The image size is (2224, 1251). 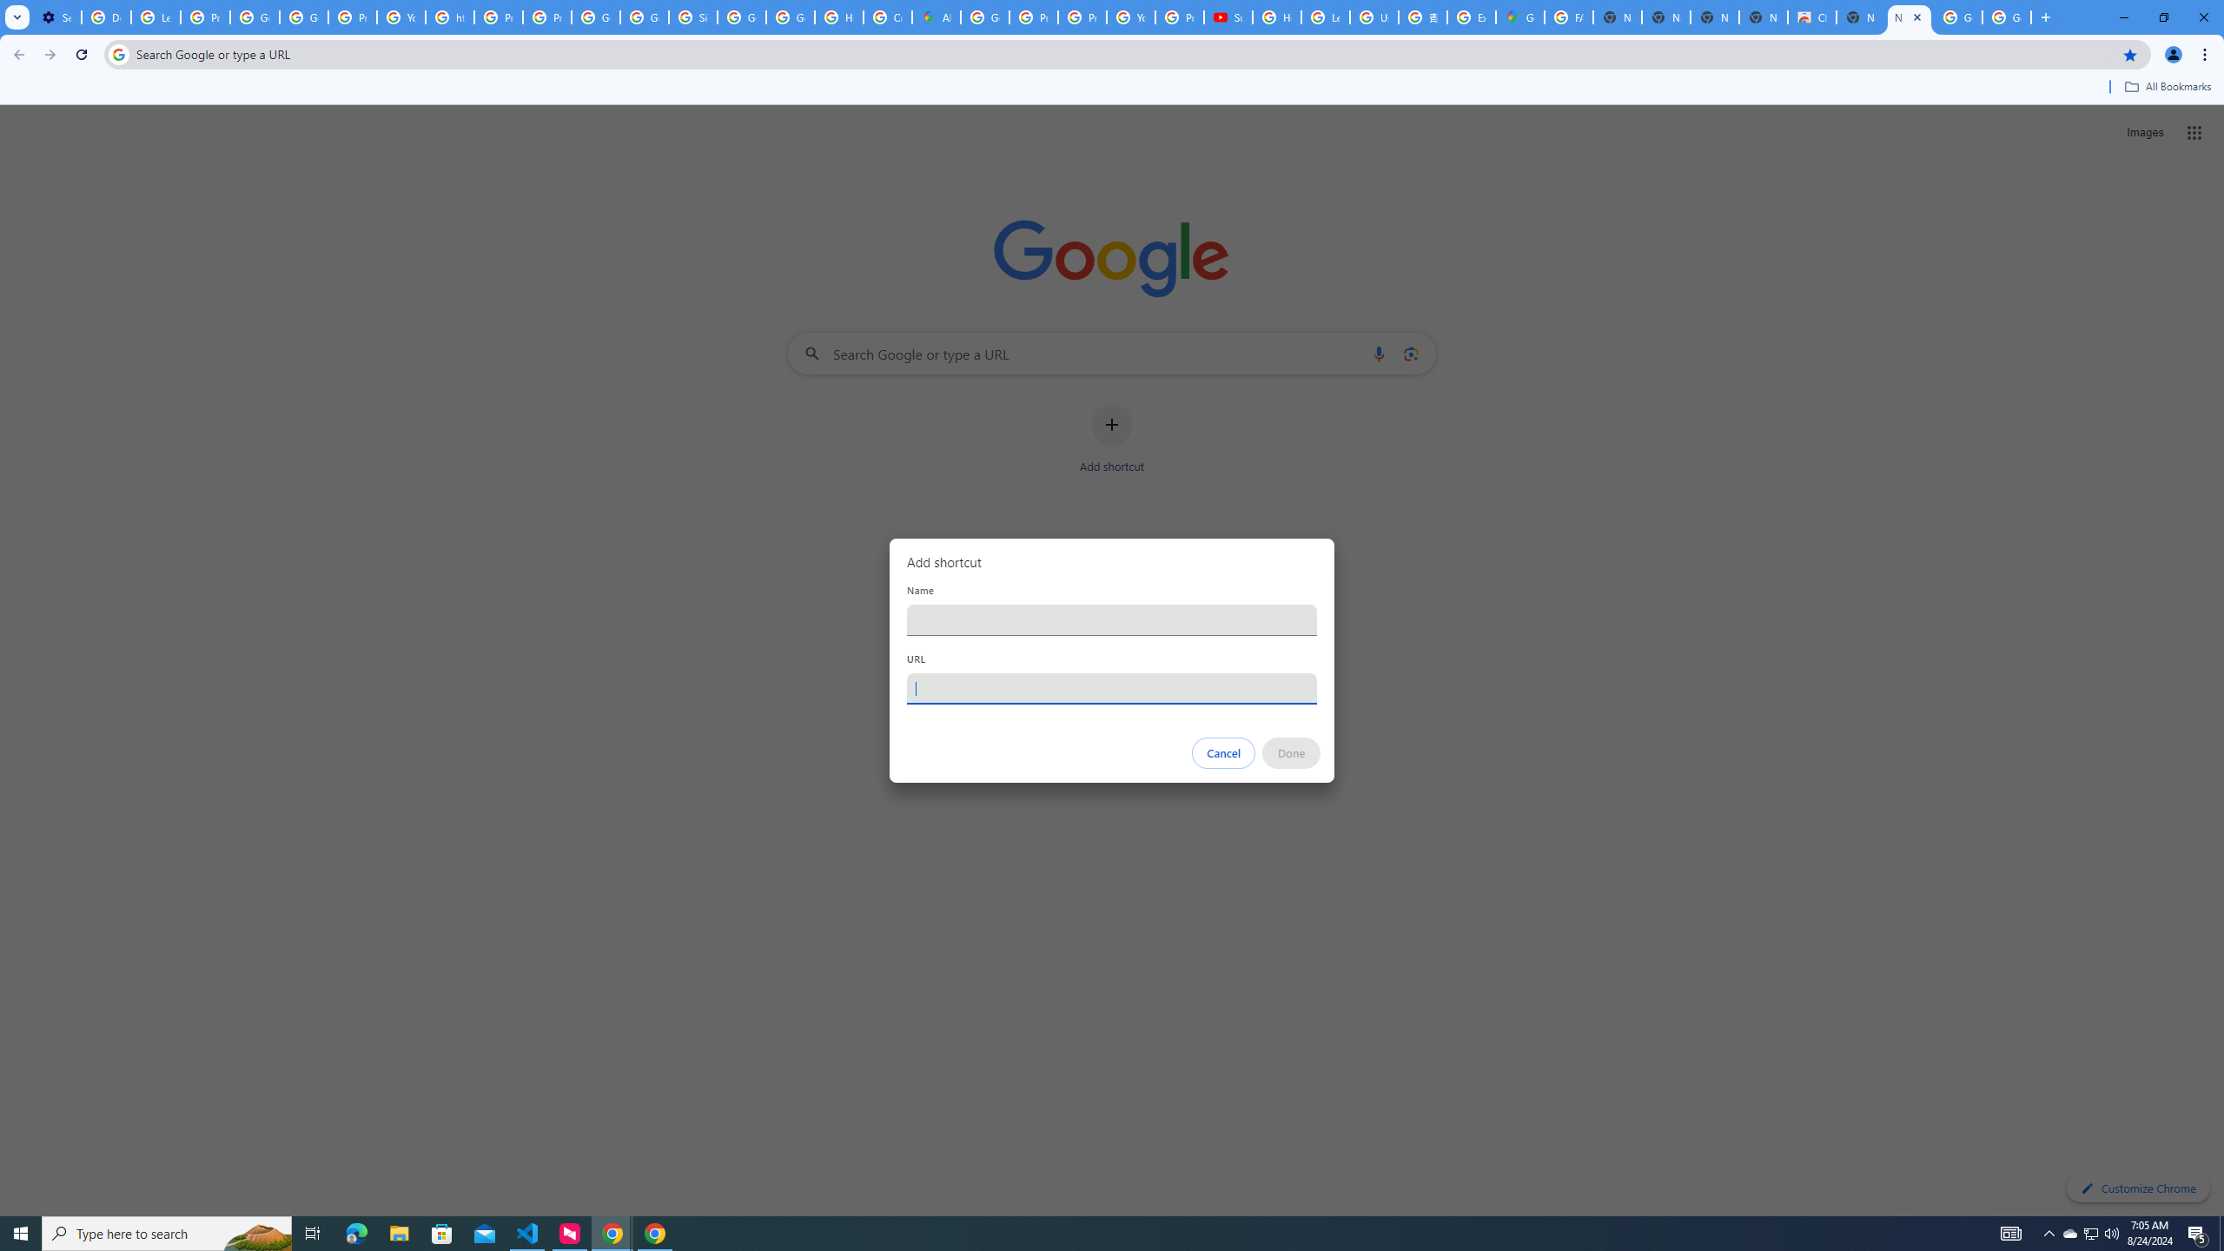 I want to click on 'Learn how to find your photos - Google Photos Help', so click(x=156, y=17).